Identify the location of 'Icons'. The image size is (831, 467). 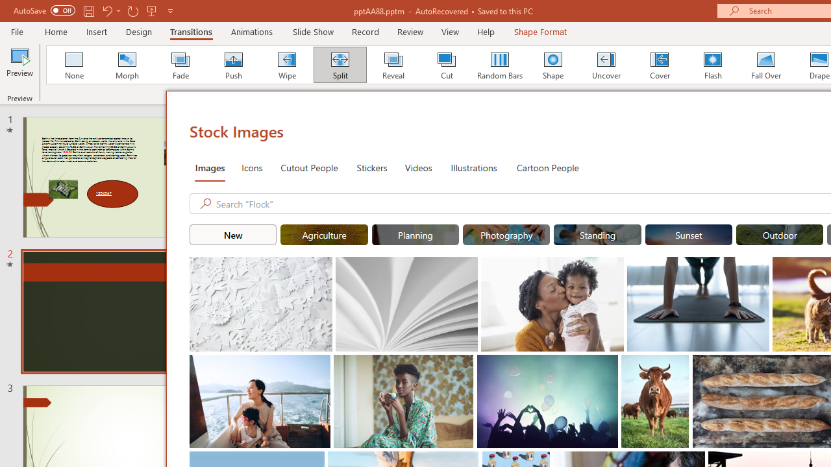
(252, 167).